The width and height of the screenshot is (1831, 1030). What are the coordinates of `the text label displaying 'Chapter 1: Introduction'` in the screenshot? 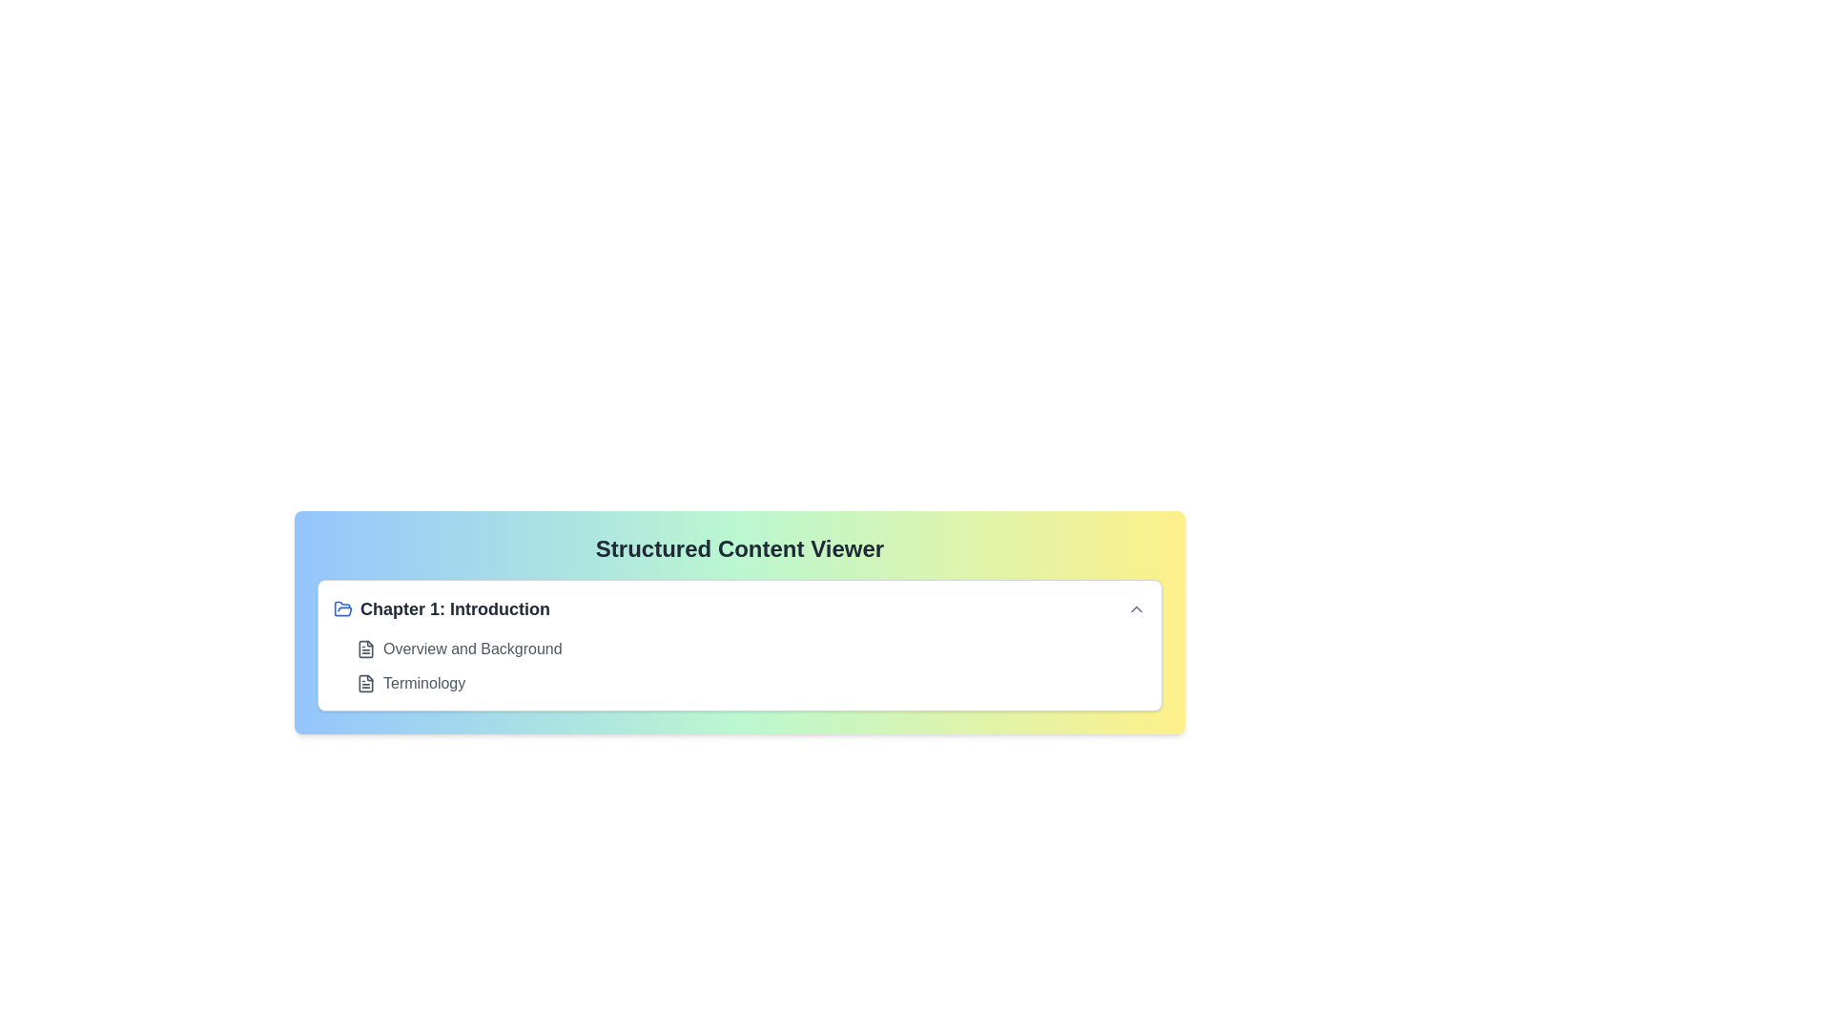 It's located at (454, 609).